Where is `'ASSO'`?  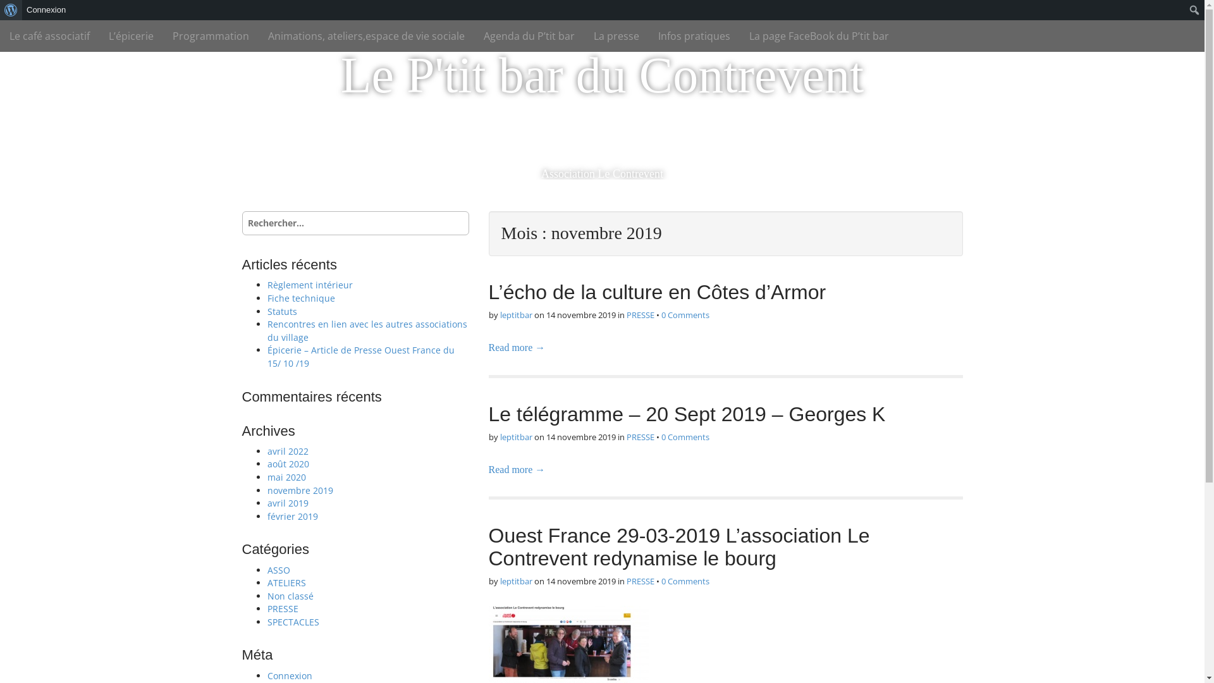 'ASSO' is located at coordinates (278, 570).